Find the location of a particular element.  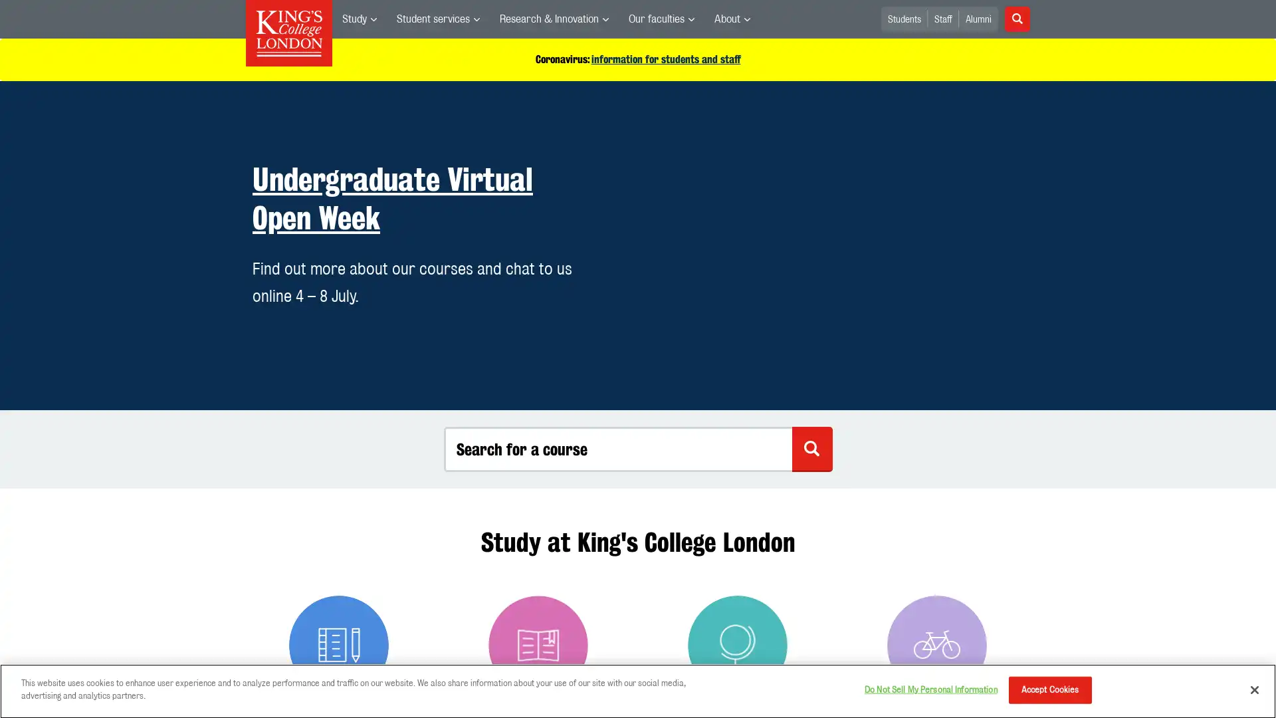

Do Not Sell My Personal Information is located at coordinates (930, 689).